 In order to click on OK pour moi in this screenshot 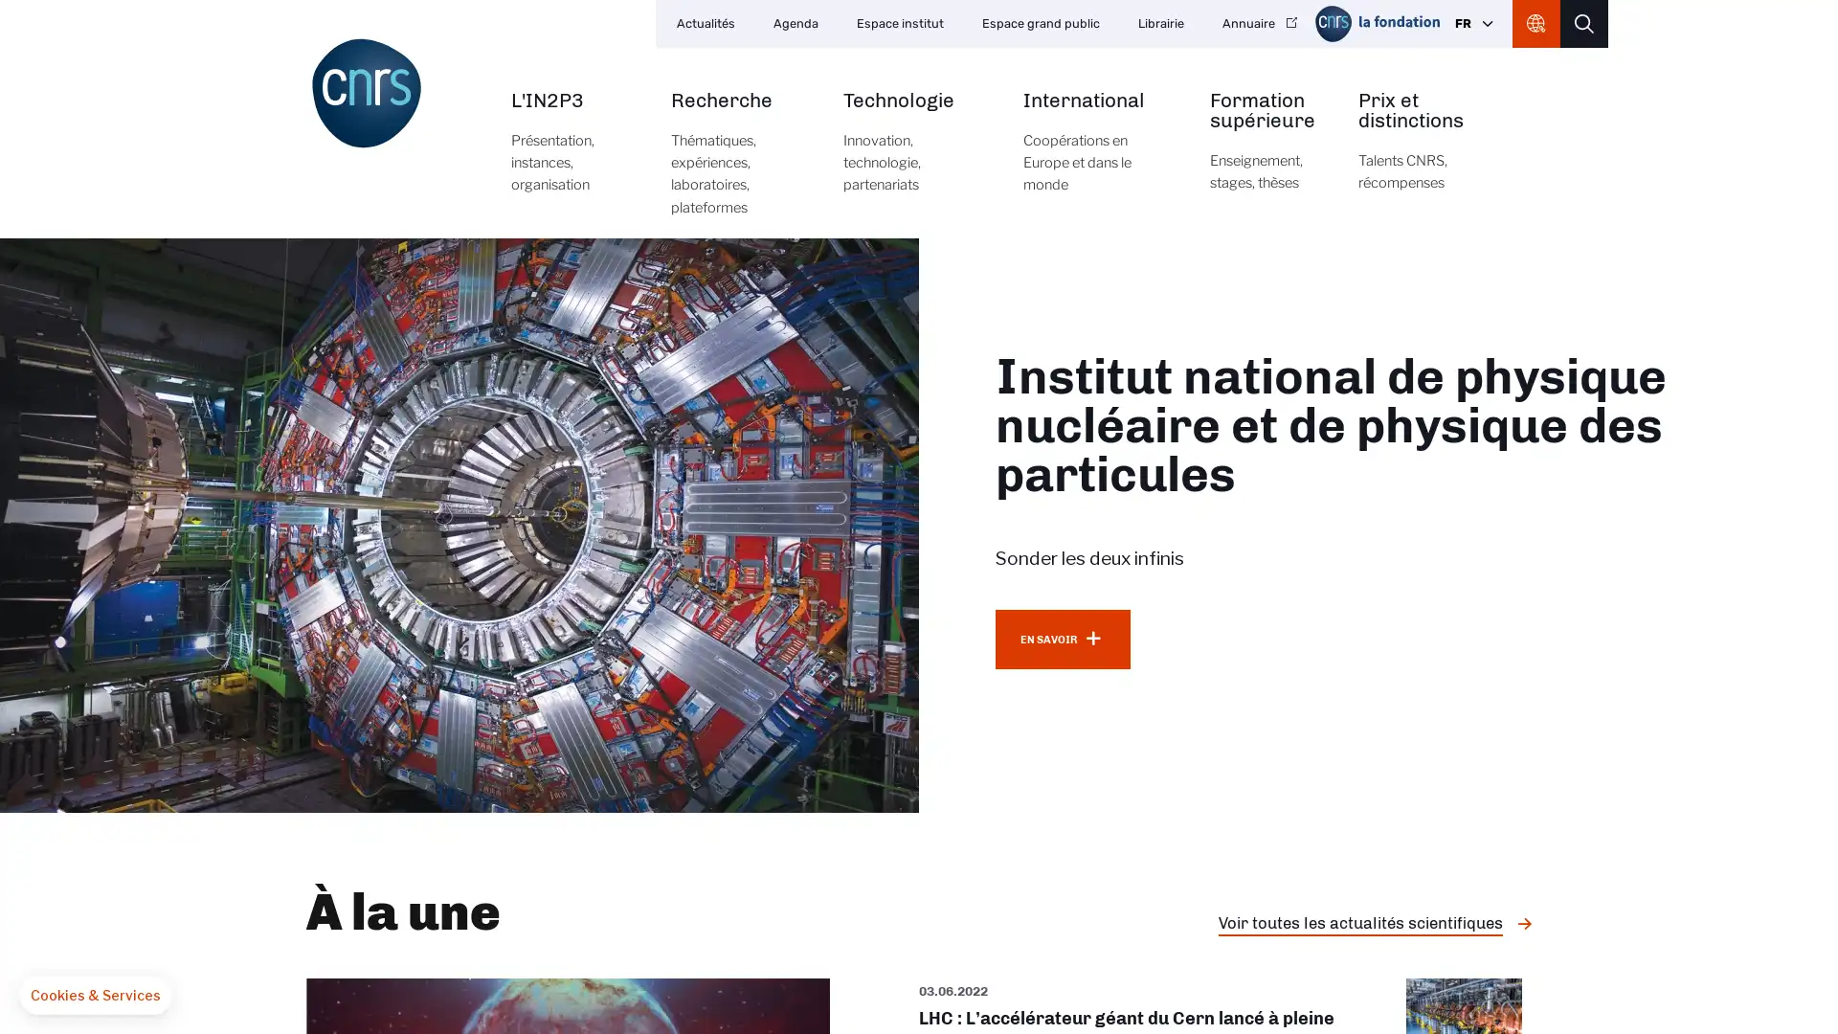, I will do `click(353, 936)`.